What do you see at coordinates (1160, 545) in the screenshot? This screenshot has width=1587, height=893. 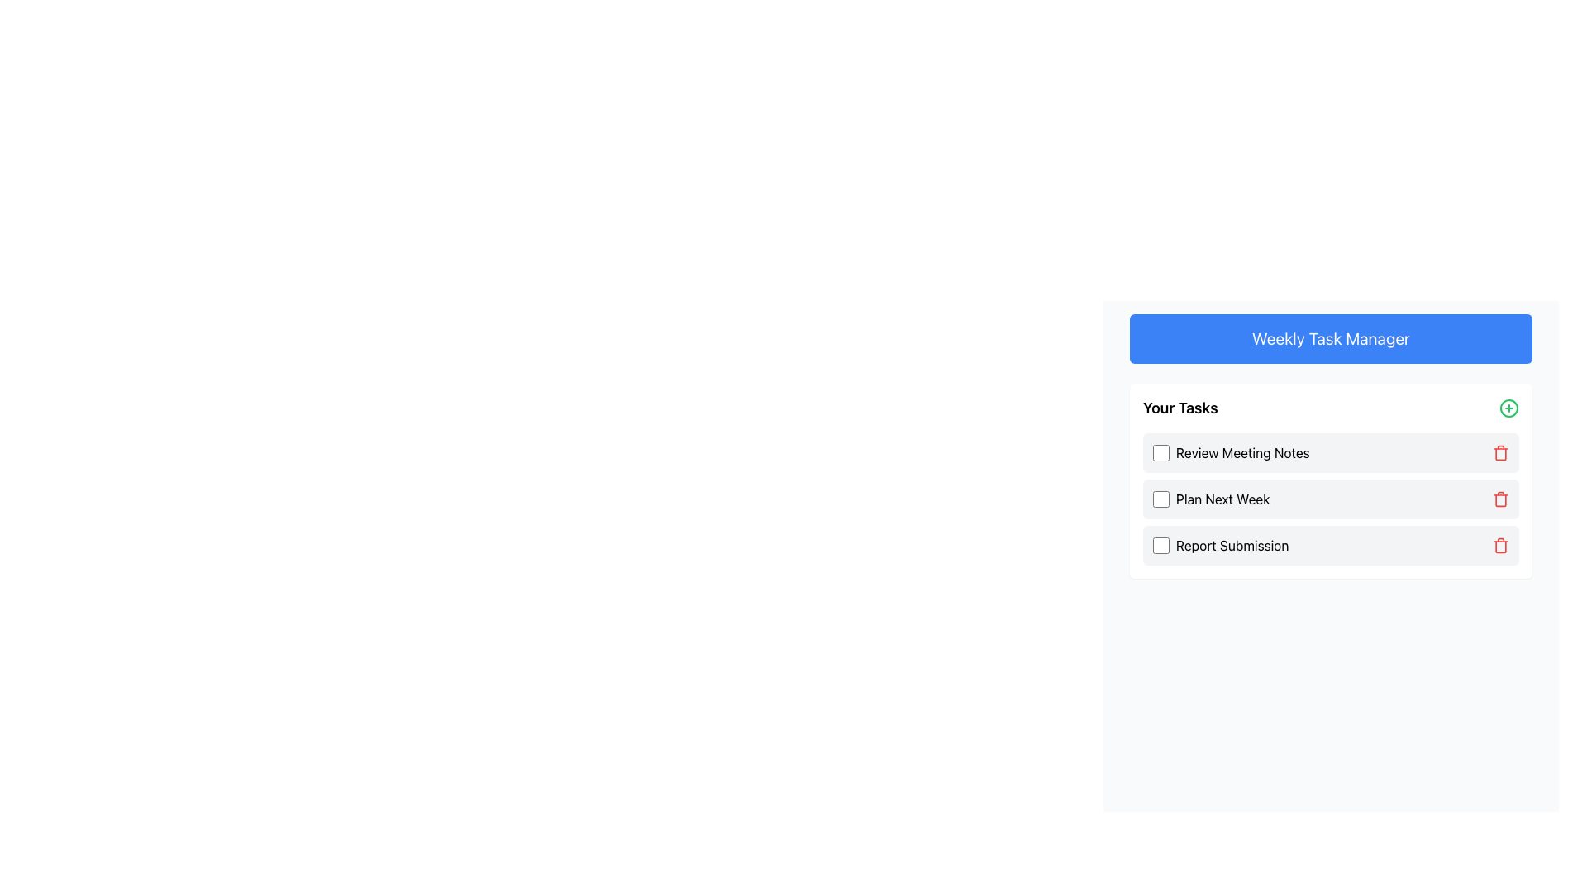 I see `the checkbox with a light gray border and blue highlights, located to the left of the label 'Report Submission' in the task list` at bounding box center [1160, 545].